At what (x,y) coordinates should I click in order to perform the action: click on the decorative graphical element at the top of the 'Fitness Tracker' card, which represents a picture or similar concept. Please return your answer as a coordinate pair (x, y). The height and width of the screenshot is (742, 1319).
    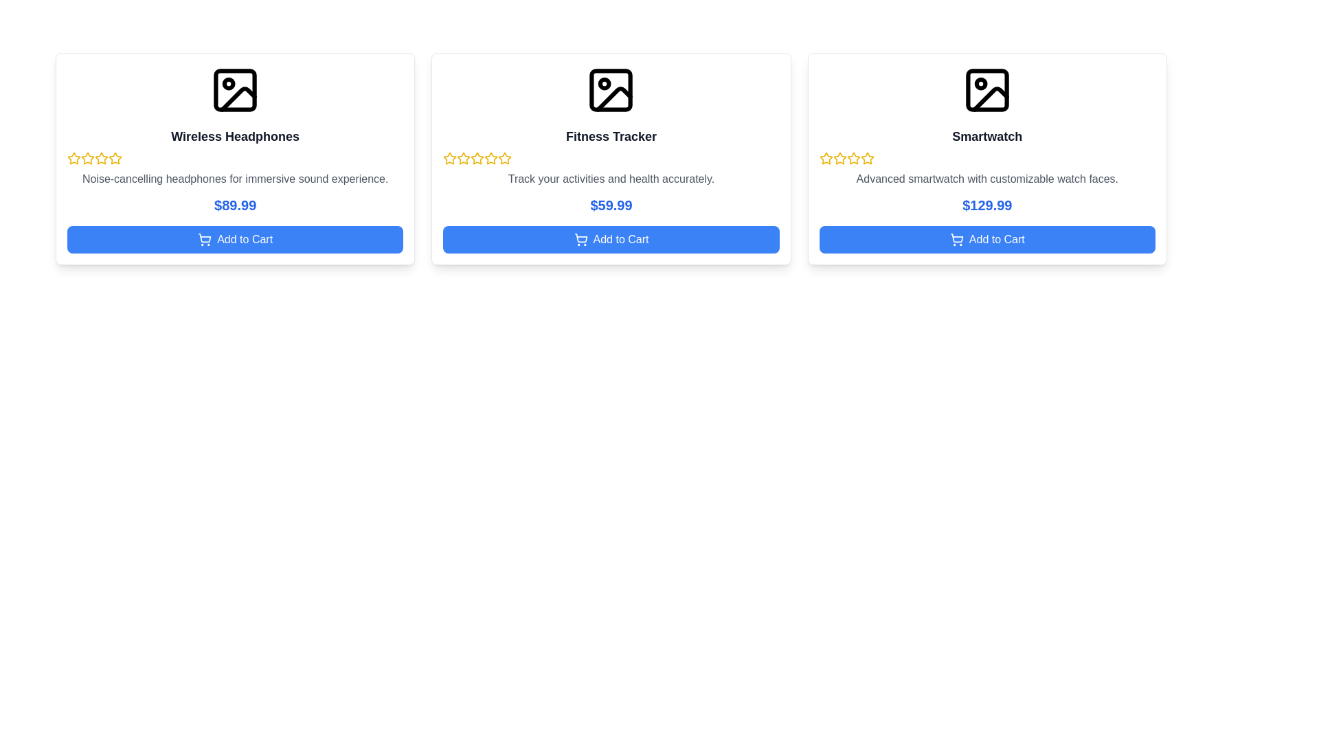
    Looking at the image, I should click on (610, 90).